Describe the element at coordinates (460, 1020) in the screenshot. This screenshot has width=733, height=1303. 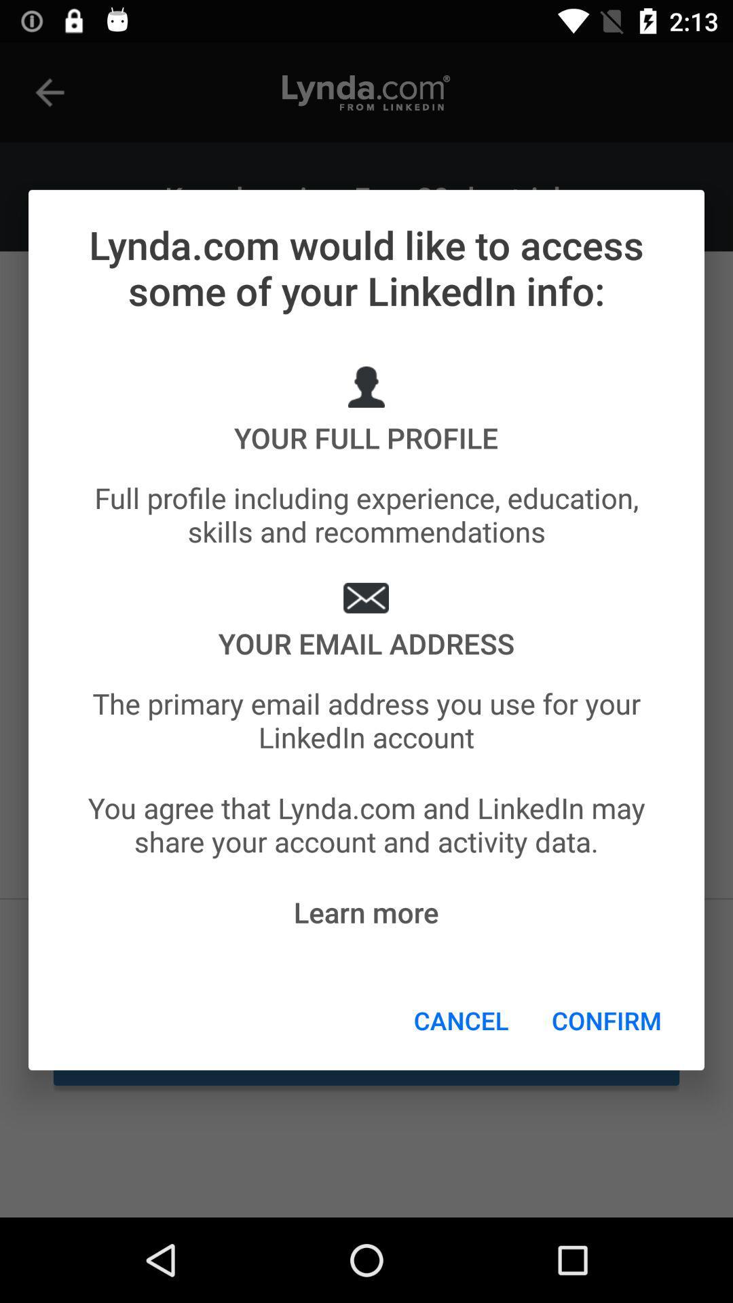
I see `the item below the learn more` at that location.